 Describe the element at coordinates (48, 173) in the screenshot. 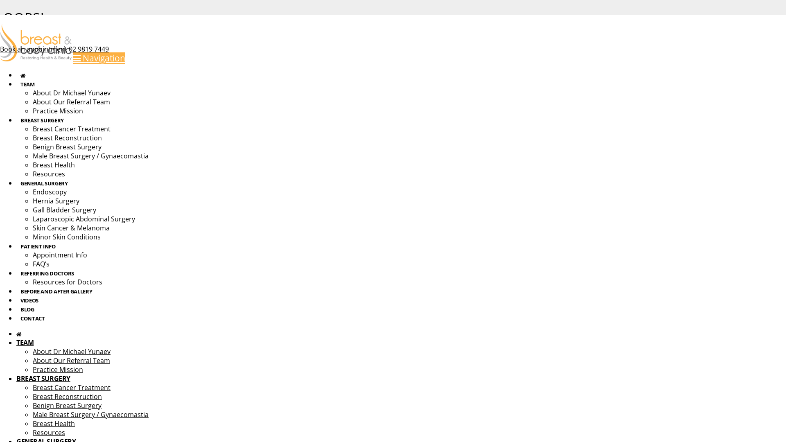

I see `'Resources'` at that location.